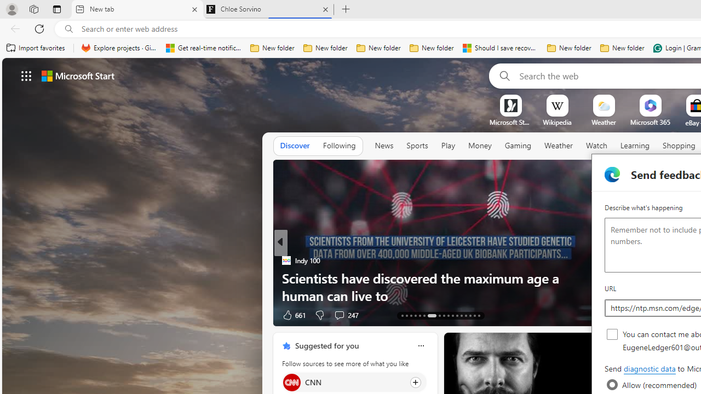  What do you see at coordinates (452, 316) in the screenshot?
I see `'AutomationID: tab-23'` at bounding box center [452, 316].